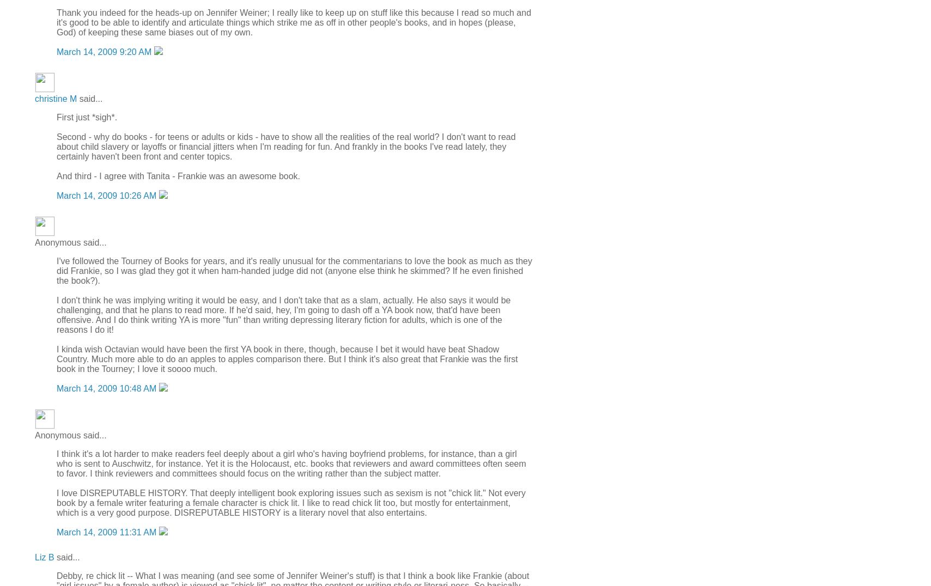  I want to click on 'March 14, 2009 11:31 AM', so click(107, 532).